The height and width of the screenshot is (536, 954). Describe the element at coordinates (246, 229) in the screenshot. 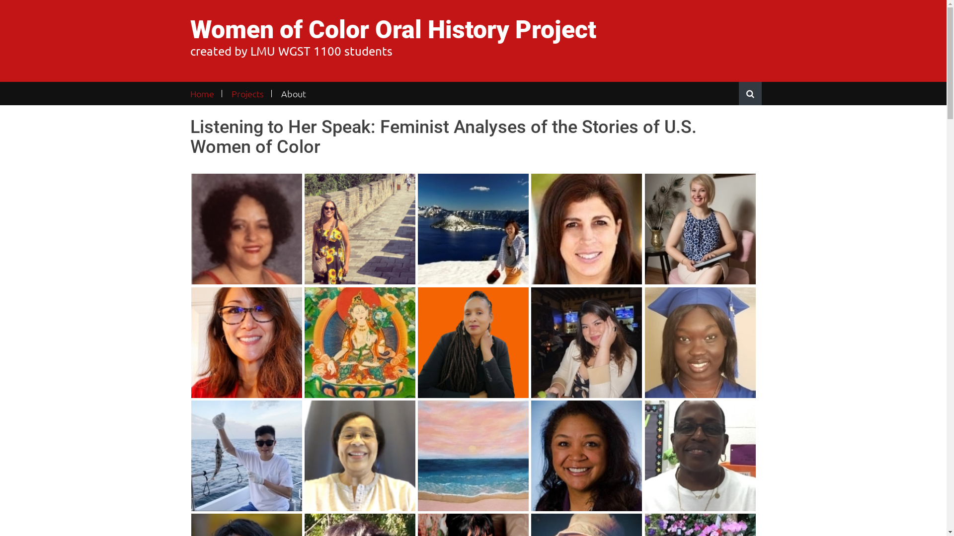

I see `'Maddie&#039;s Interview with Erica Thomson'` at that location.